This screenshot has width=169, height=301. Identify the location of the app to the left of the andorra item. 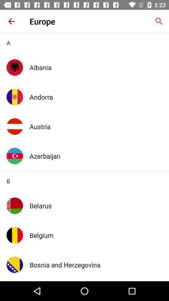
(15, 97).